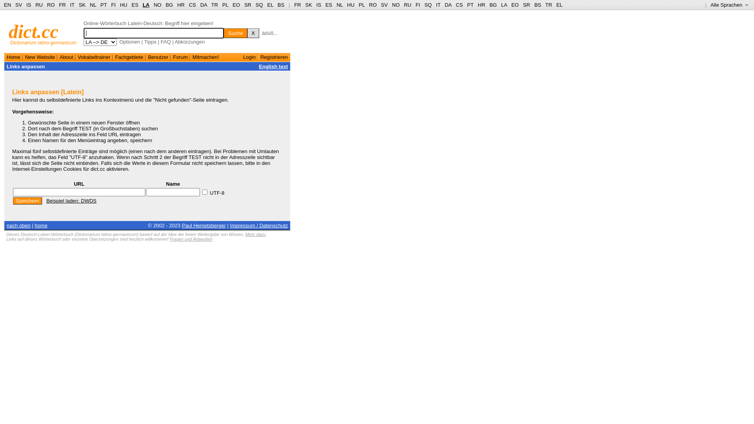  What do you see at coordinates (113, 5) in the screenshot?
I see `'FI'` at bounding box center [113, 5].